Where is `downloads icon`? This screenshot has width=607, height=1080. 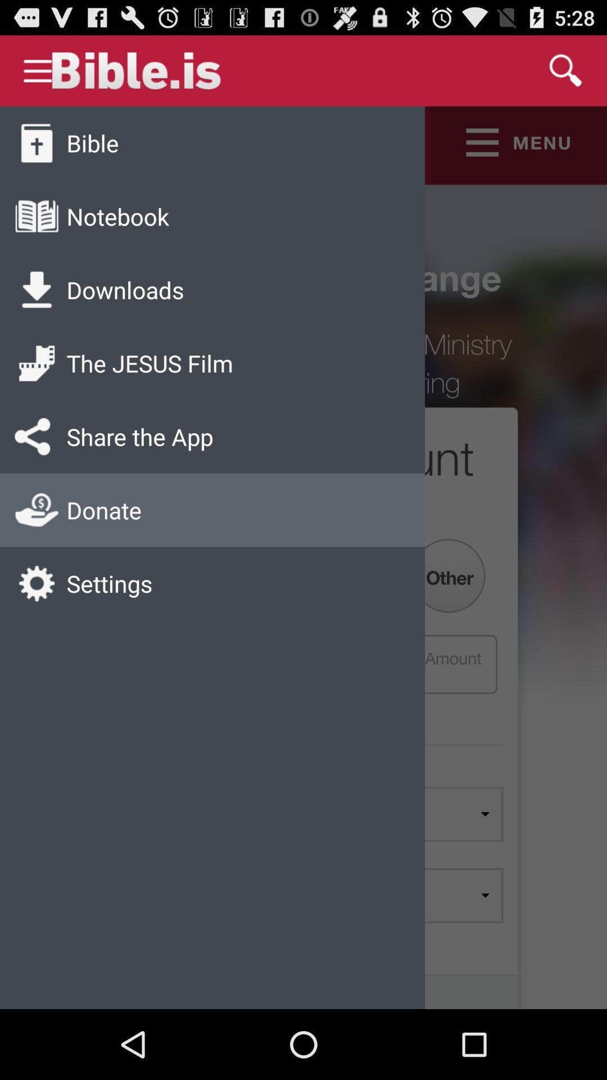
downloads icon is located at coordinates (125, 290).